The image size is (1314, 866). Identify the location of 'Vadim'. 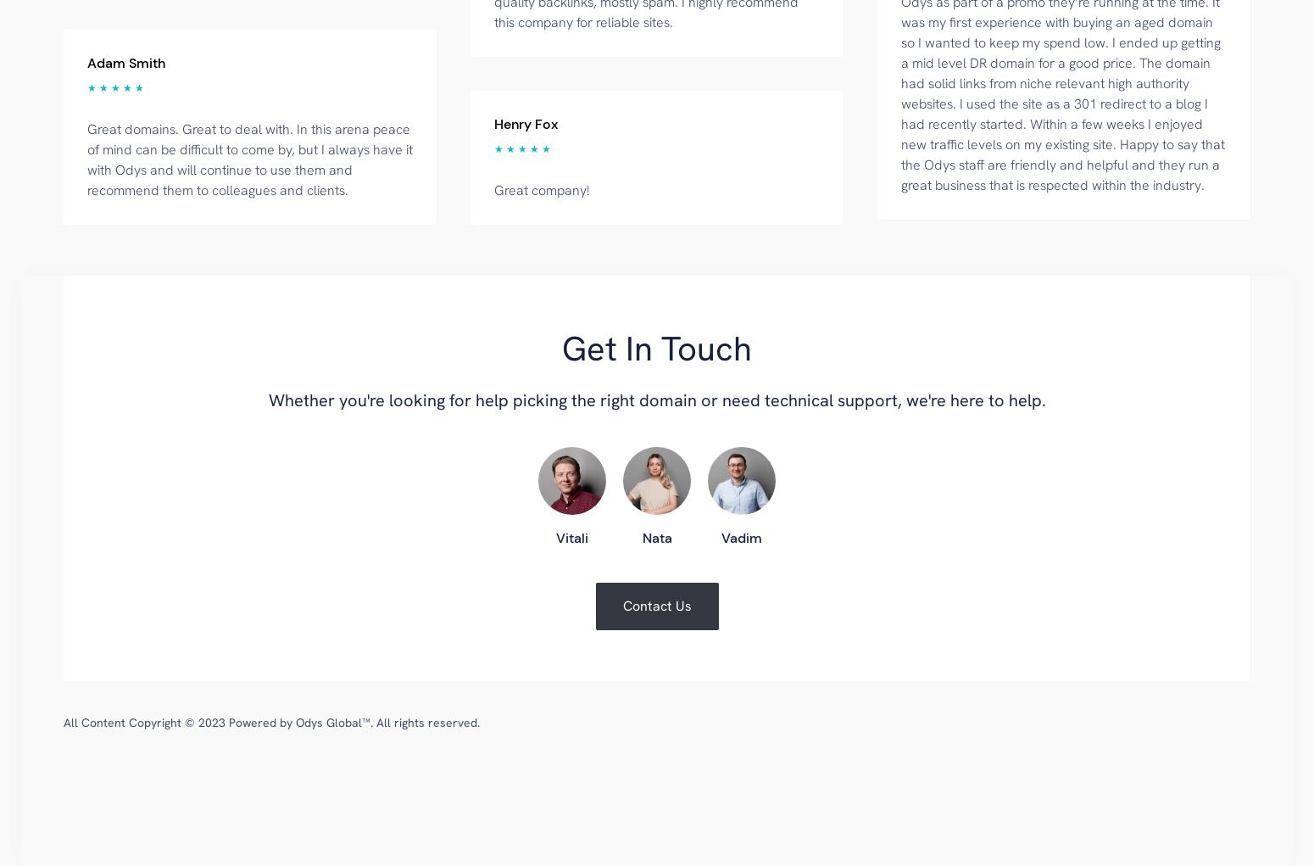
(741, 536).